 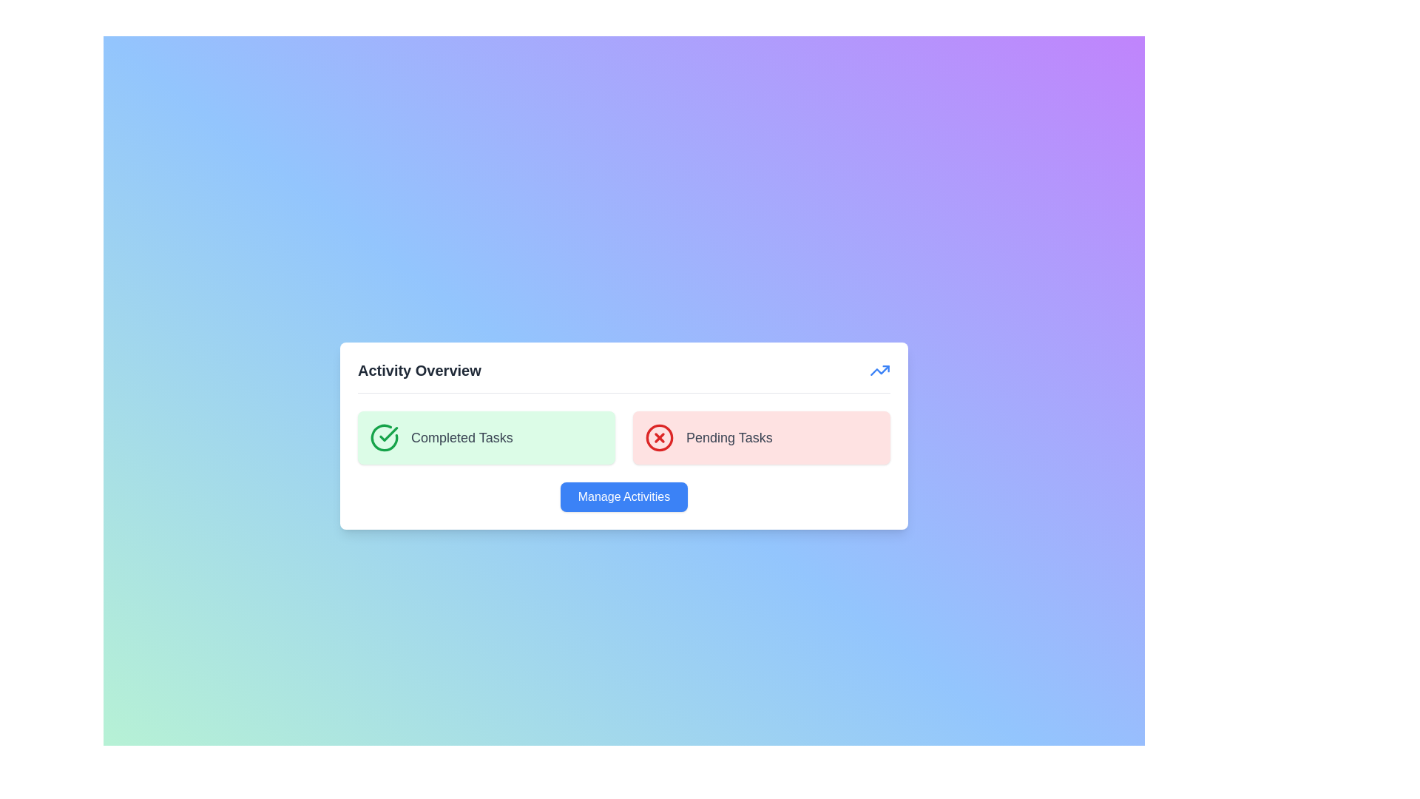 I want to click on the 'Manage Activities' button, which is a rectangular button with a blue background and white text, so click(x=624, y=496).